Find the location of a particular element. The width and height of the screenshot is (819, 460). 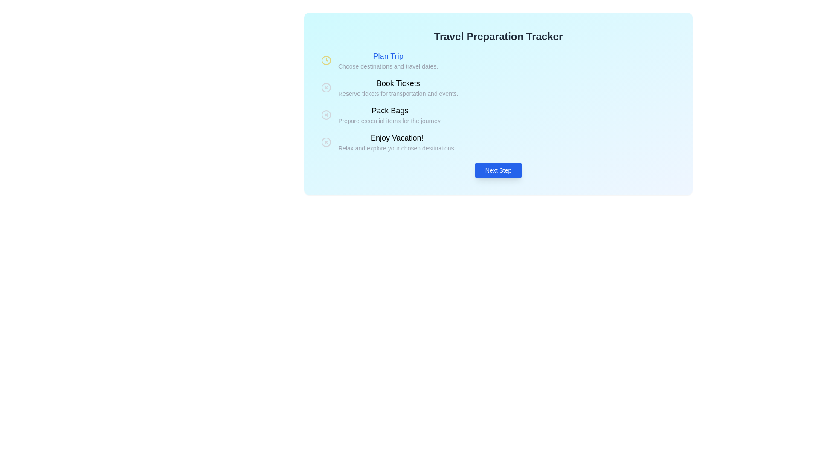

text label that provides additional information about the 'Plan Trip' step in the travel preparation tracker, positioned directly below the 'Plan Trip' heading is located at coordinates (388, 66).